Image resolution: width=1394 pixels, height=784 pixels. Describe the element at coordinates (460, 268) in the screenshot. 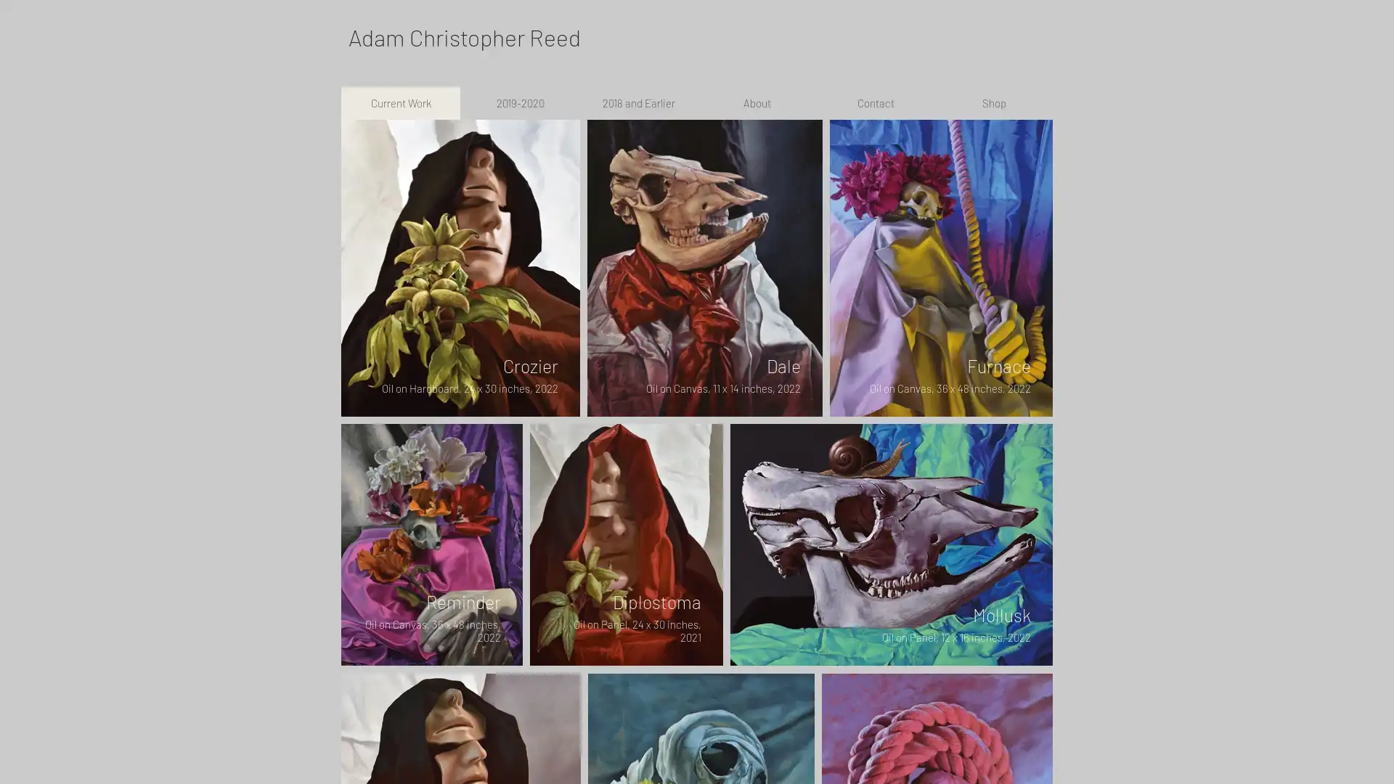

I see `202202001---Crozier.jpg` at that location.